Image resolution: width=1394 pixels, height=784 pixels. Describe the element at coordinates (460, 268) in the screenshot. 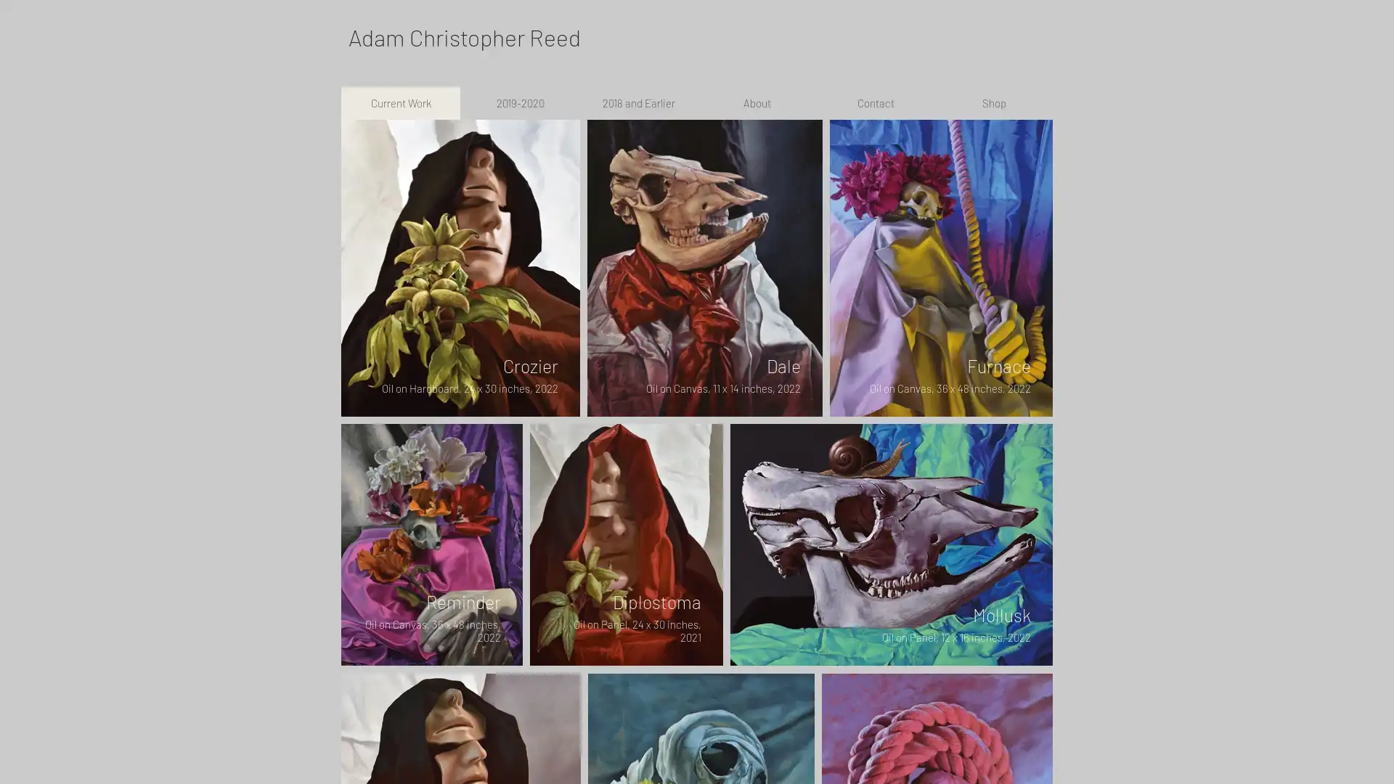

I see `202202001---Crozier.jpg` at that location.